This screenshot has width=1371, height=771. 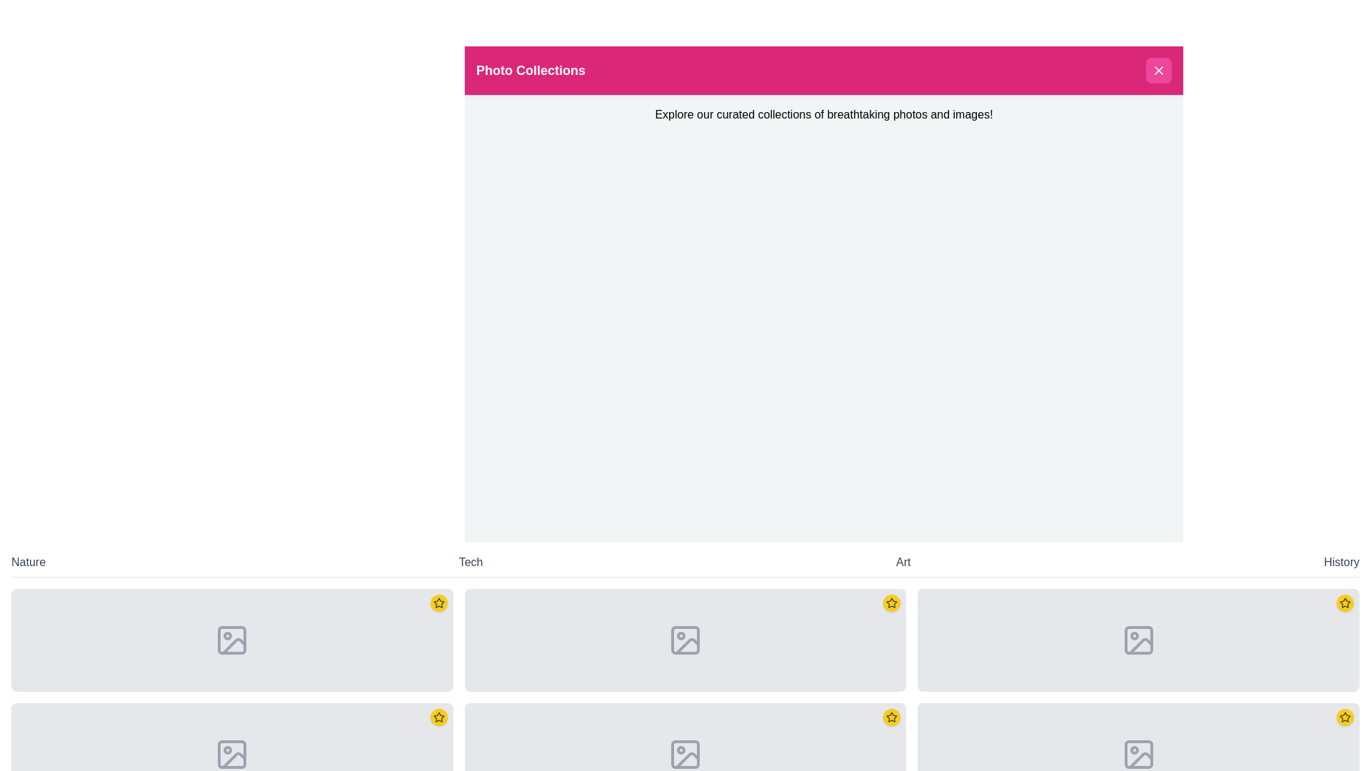 What do you see at coordinates (891, 717) in the screenshot?
I see `the star icon located in the top-right corner of the square card under the 'Art' category` at bounding box center [891, 717].